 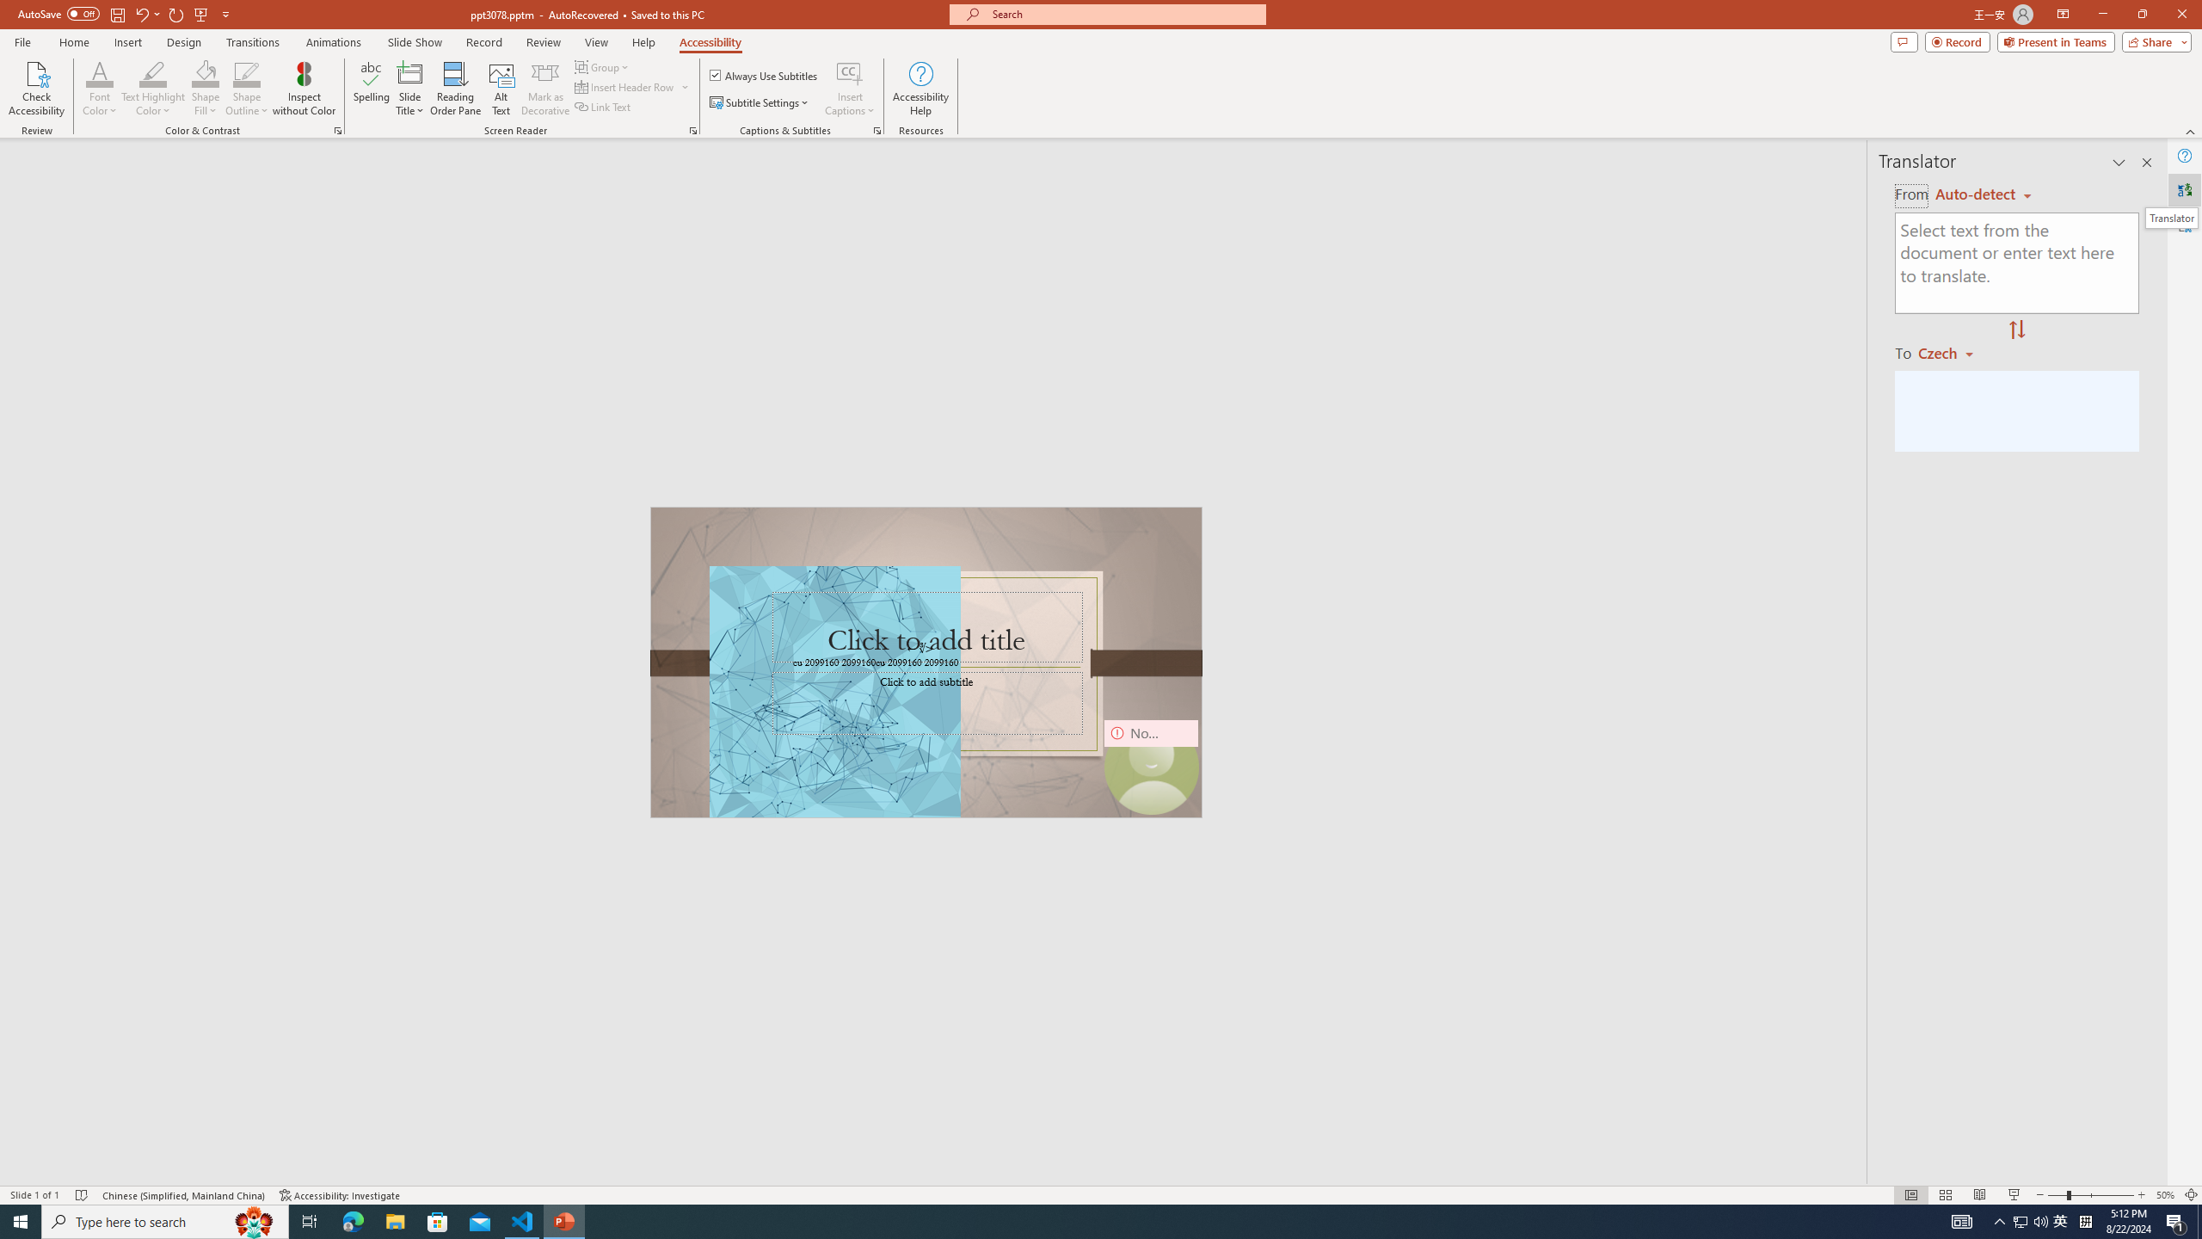 I want to click on 'Shape Outline', so click(x=248, y=89).